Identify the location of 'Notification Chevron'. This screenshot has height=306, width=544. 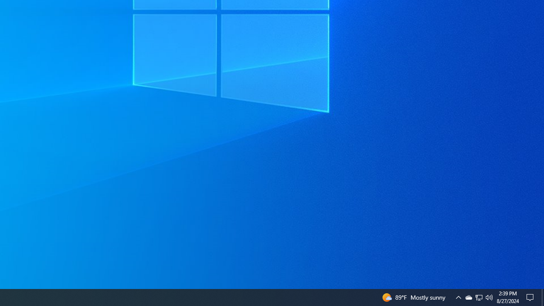
(479, 297).